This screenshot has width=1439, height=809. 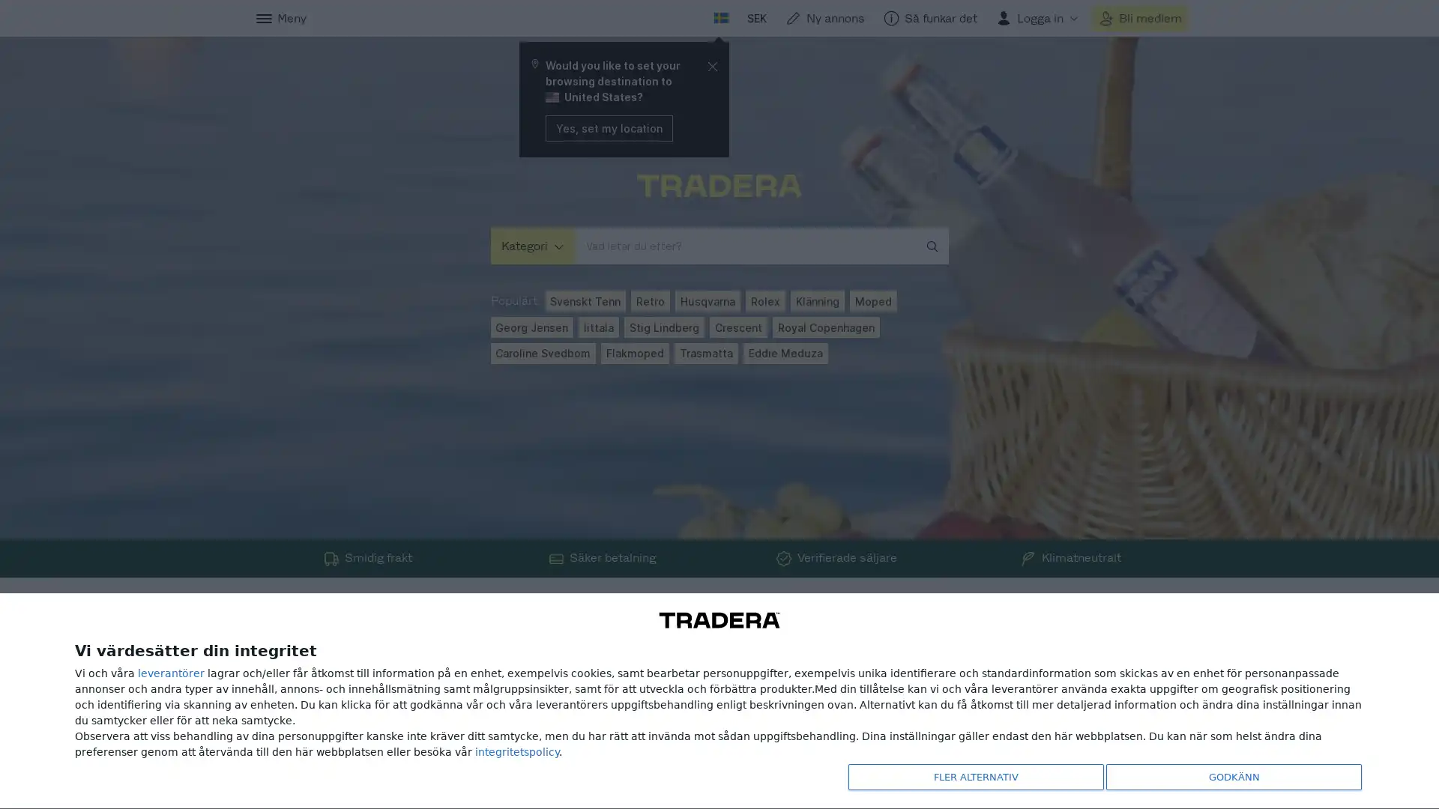 I want to click on Yes, set my location, so click(x=608, y=127).